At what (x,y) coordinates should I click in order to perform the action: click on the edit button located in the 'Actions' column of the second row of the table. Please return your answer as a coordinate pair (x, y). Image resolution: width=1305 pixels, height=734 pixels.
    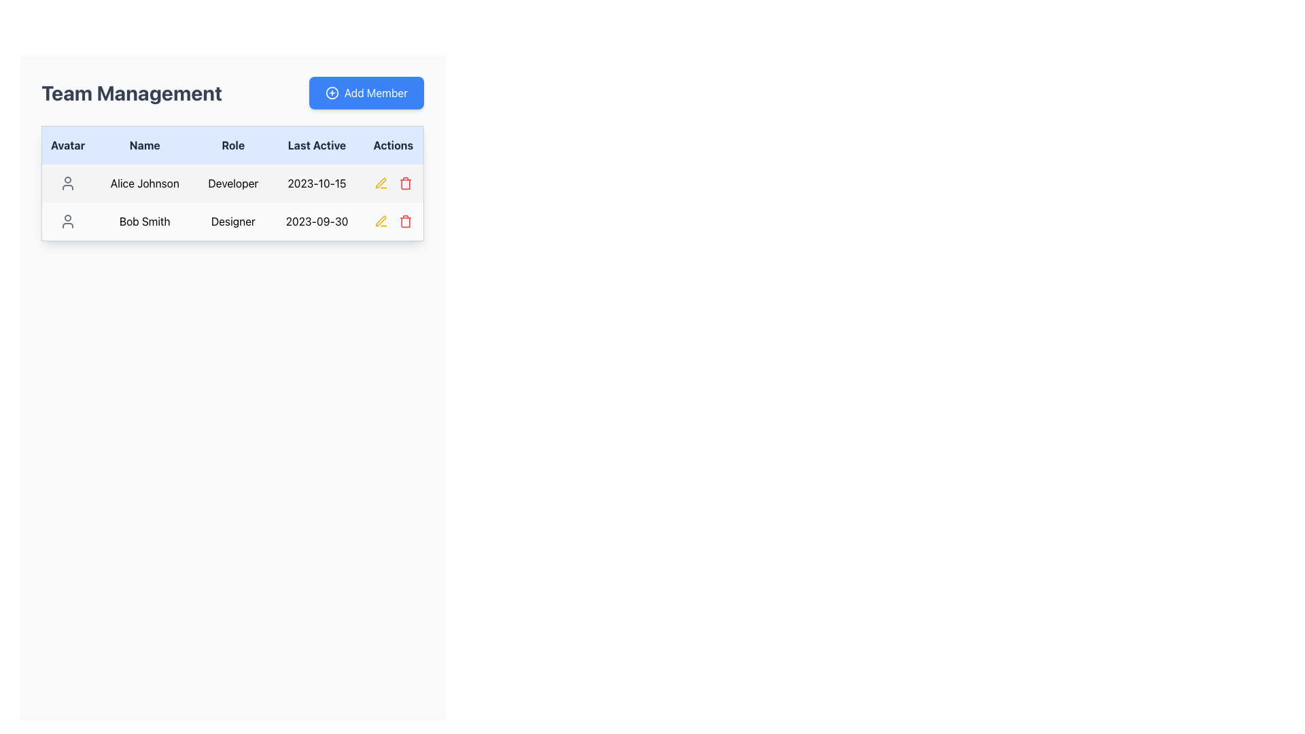
    Looking at the image, I should click on (381, 182).